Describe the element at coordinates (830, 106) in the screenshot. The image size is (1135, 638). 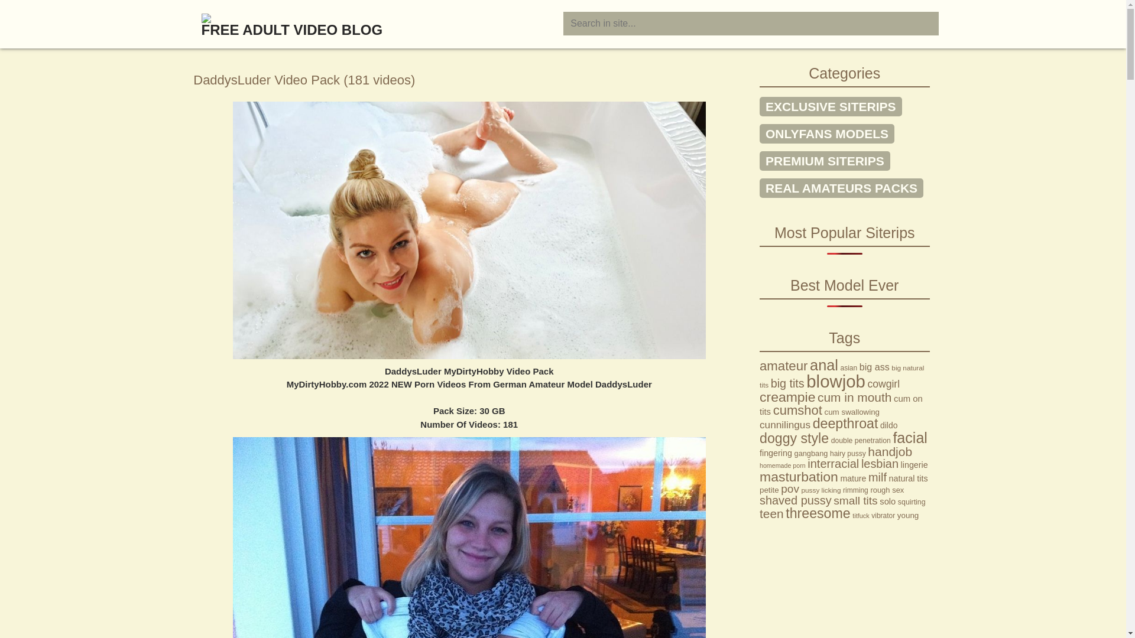
I see `'EXCLUSIVE SITERIPS'` at that location.